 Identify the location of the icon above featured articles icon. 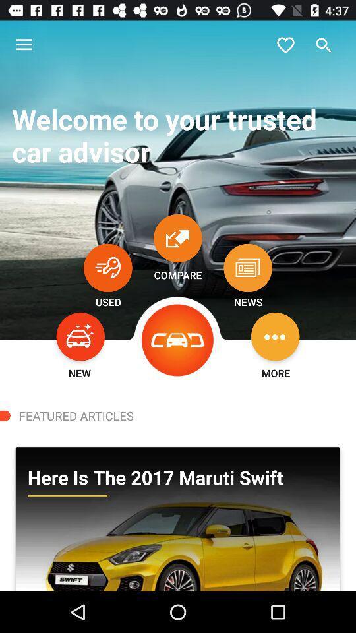
(178, 340).